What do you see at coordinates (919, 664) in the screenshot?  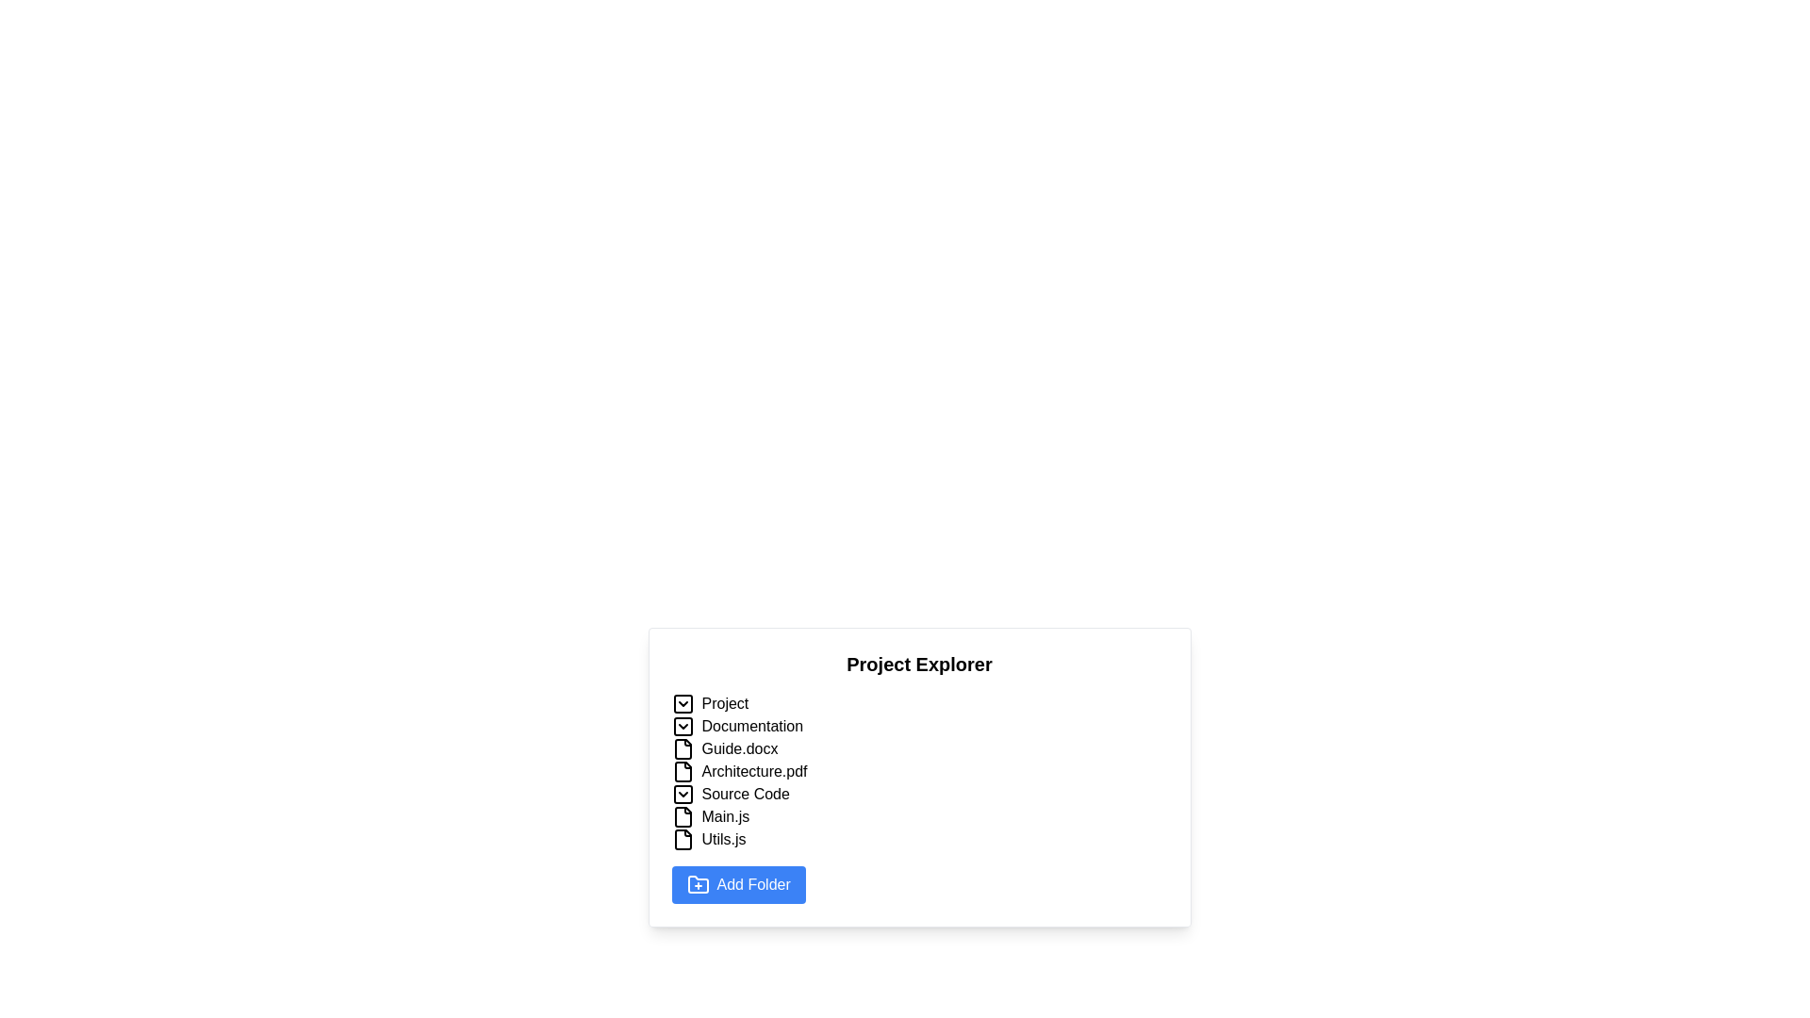 I see `the central Text Label that identifies the content of the 'Project Explorer' panel` at bounding box center [919, 664].